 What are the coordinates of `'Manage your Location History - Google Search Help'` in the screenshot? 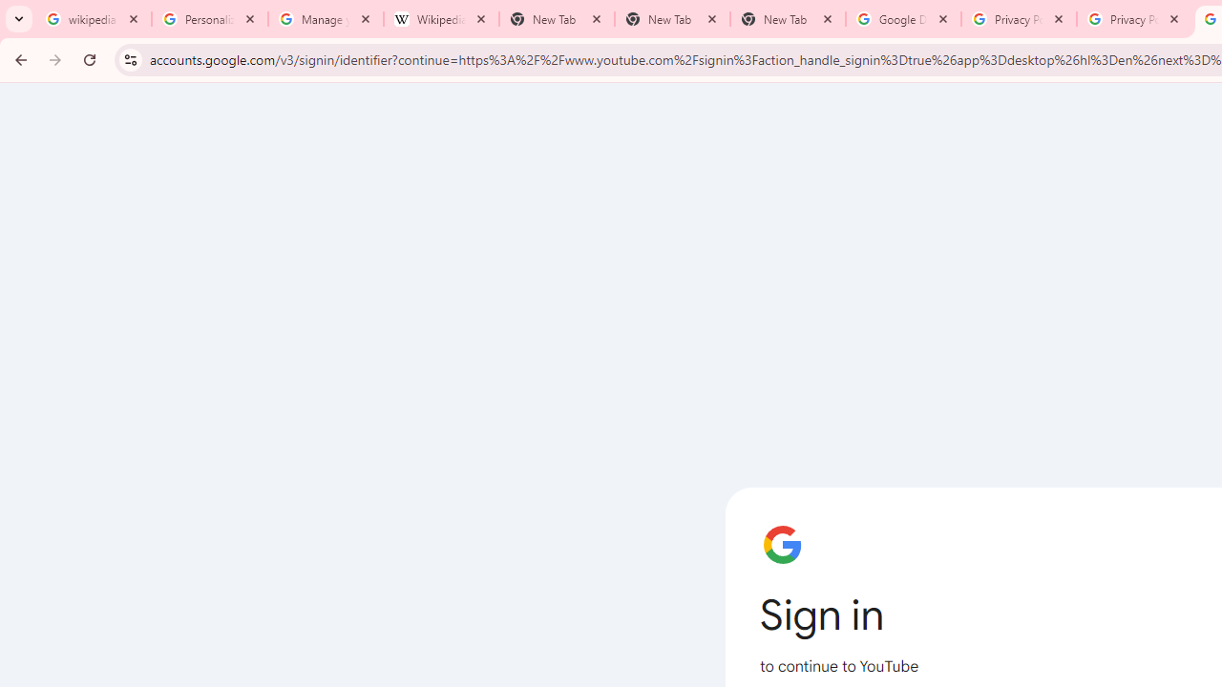 It's located at (326, 19).